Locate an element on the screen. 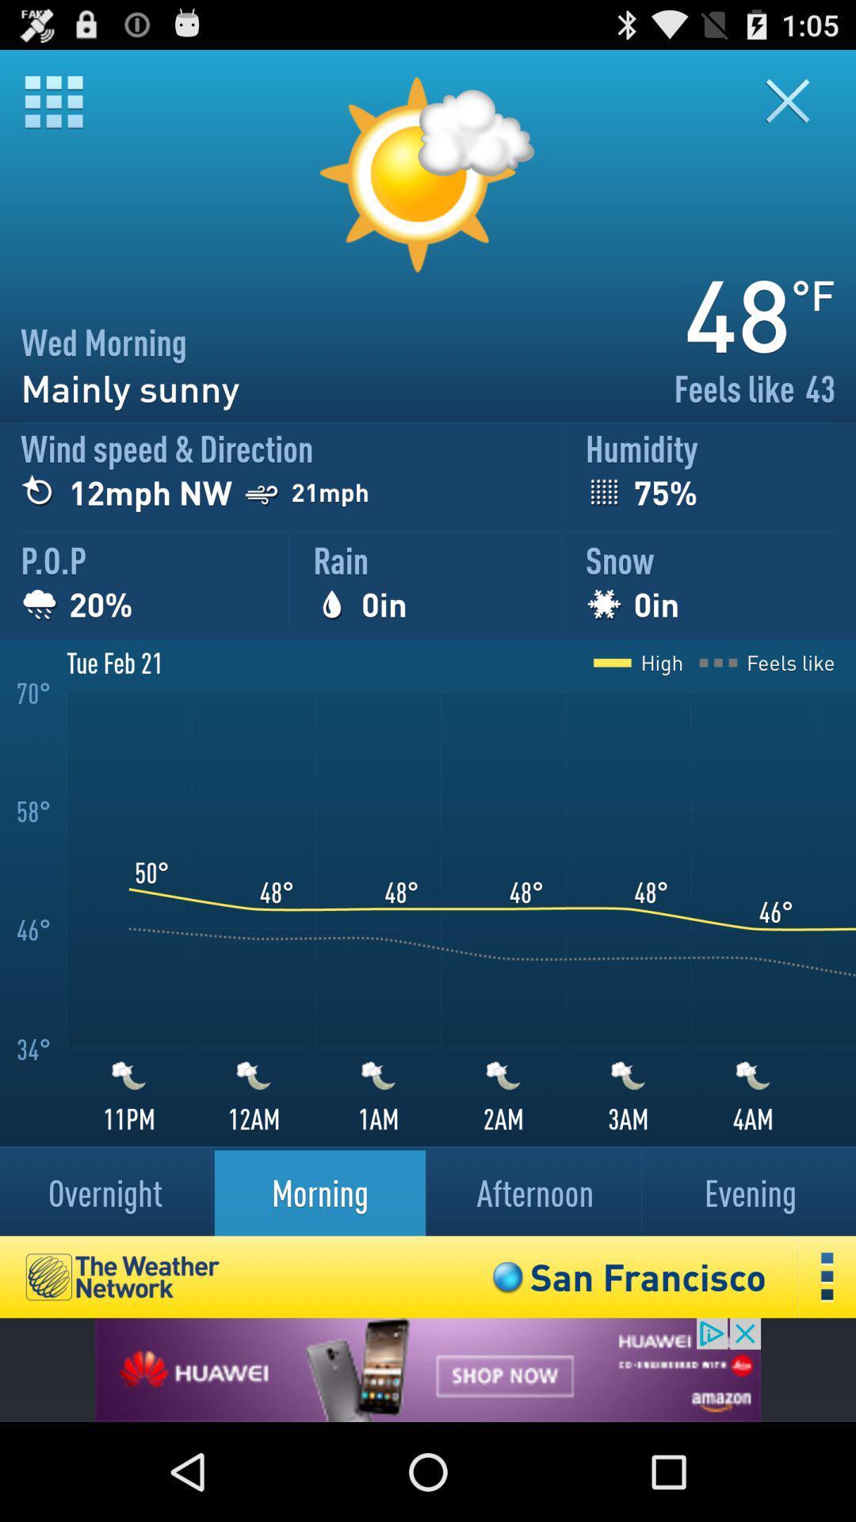 This screenshot has width=856, height=1522. more option is located at coordinates (827, 1277).